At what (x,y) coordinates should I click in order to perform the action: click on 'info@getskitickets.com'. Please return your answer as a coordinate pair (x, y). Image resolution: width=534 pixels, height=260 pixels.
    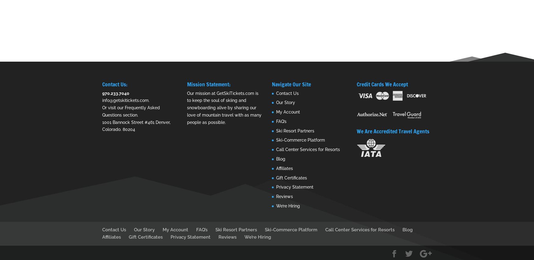
    Looking at the image, I should click on (125, 100).